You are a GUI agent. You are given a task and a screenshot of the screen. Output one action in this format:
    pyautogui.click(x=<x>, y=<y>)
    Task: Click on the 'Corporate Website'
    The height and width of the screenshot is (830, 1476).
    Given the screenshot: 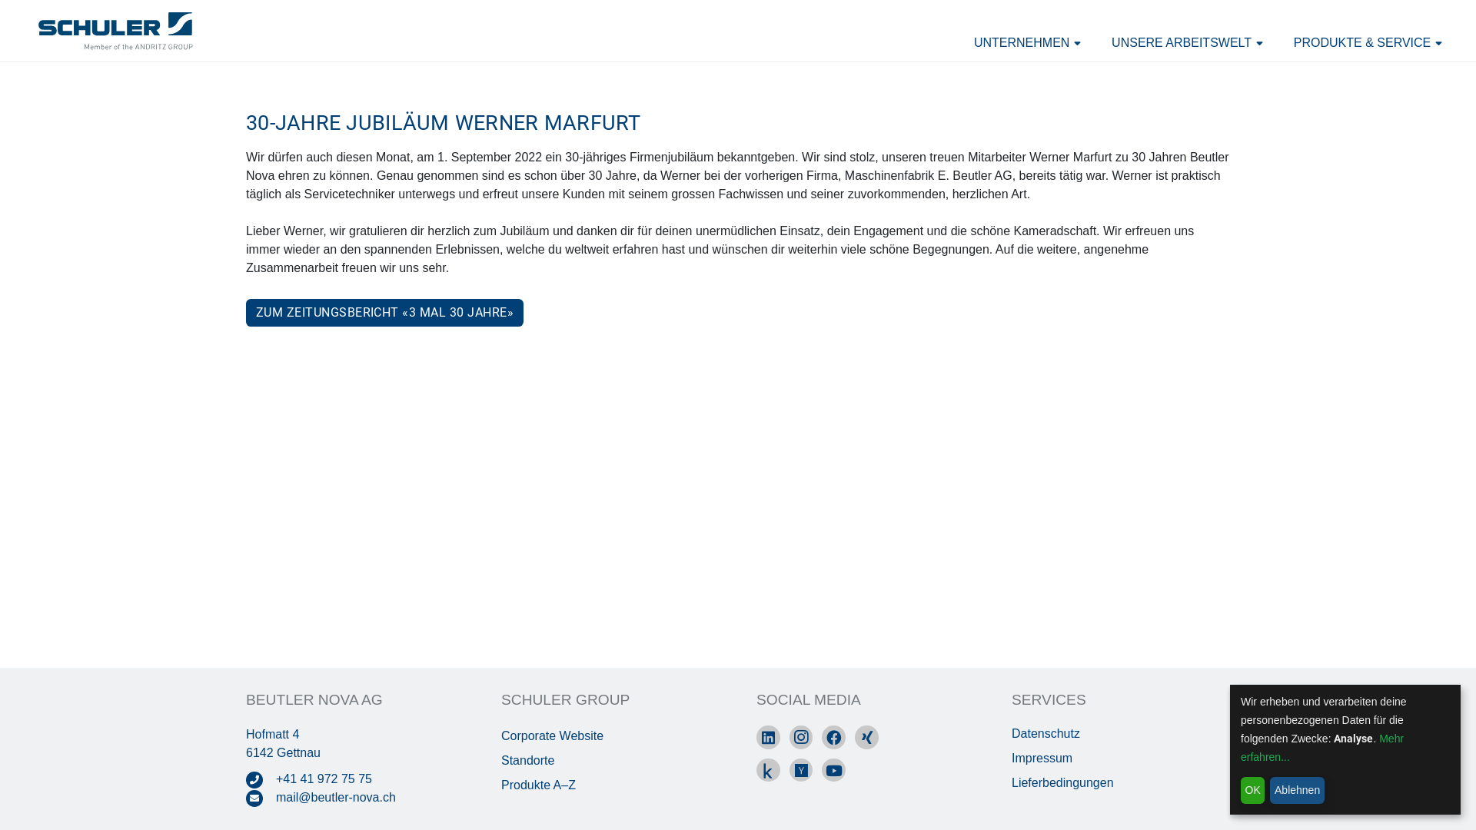 What is the action you would take?
    pyautogui.click(x=552, y=735)
    